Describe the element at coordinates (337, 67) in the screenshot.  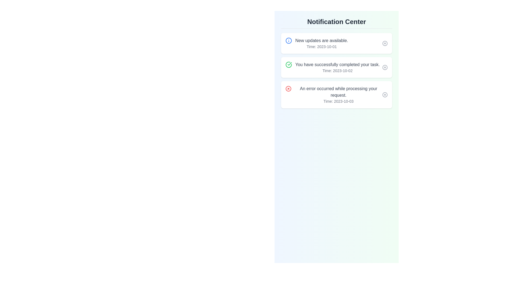
I see `notification message that states 'You have successfully completed your task.' which is displayed prominently in black text within the second notification card of the notification center` at that location.